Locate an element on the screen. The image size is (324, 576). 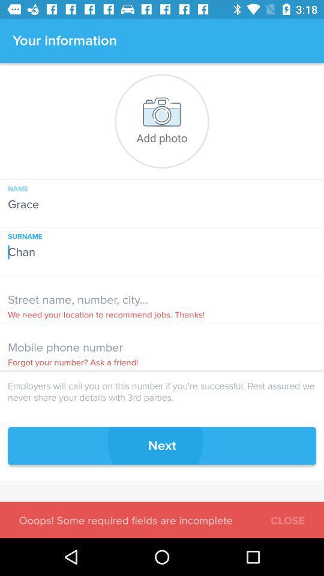
the icon below the next is located at coordinates (287, 518).